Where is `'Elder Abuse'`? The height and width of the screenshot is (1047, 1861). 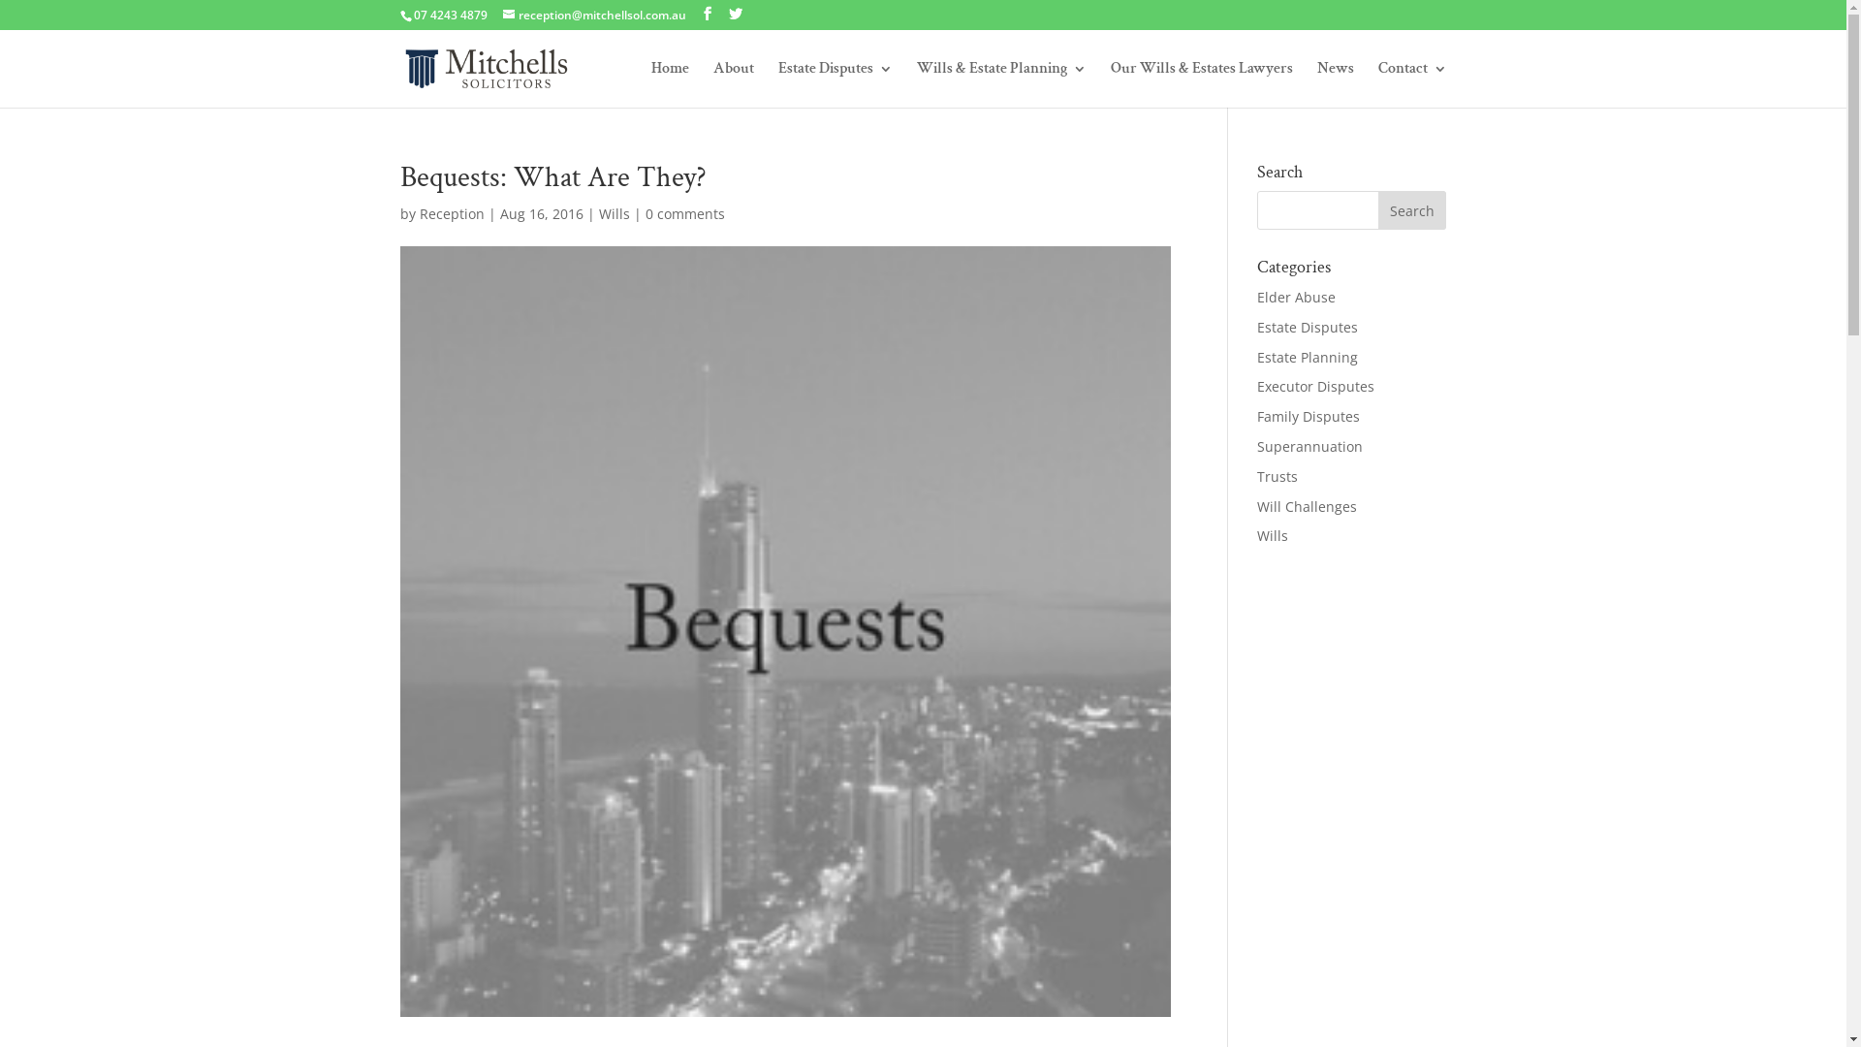
'Elder Abuse' is located at coordinates (1256, 297).